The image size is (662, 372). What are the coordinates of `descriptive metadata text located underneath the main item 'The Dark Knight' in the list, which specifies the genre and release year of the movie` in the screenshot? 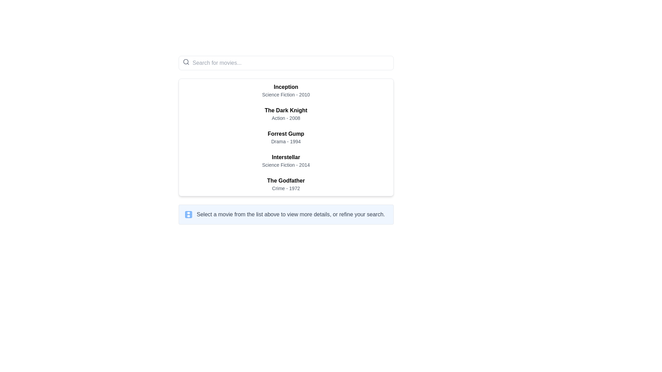 It's located at (286, 118).